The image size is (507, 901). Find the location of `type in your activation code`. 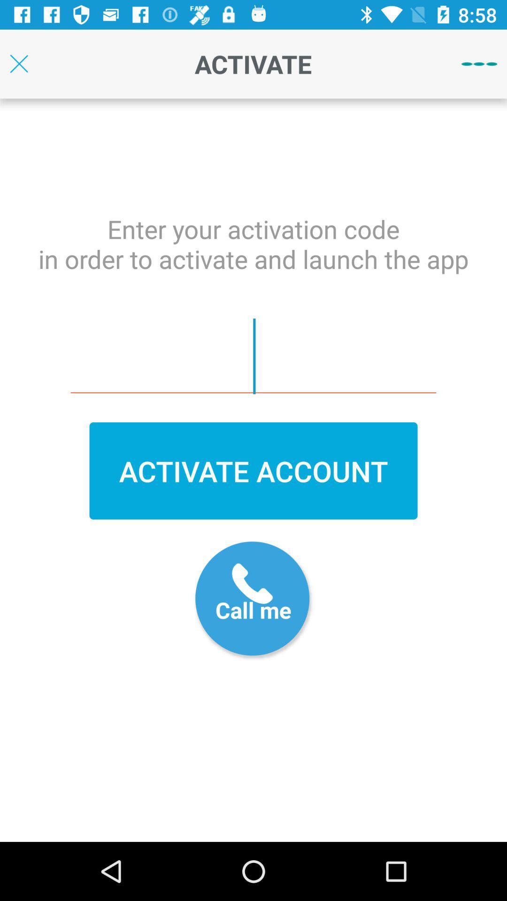

type in your activation code is located at coordinates (253, 356).